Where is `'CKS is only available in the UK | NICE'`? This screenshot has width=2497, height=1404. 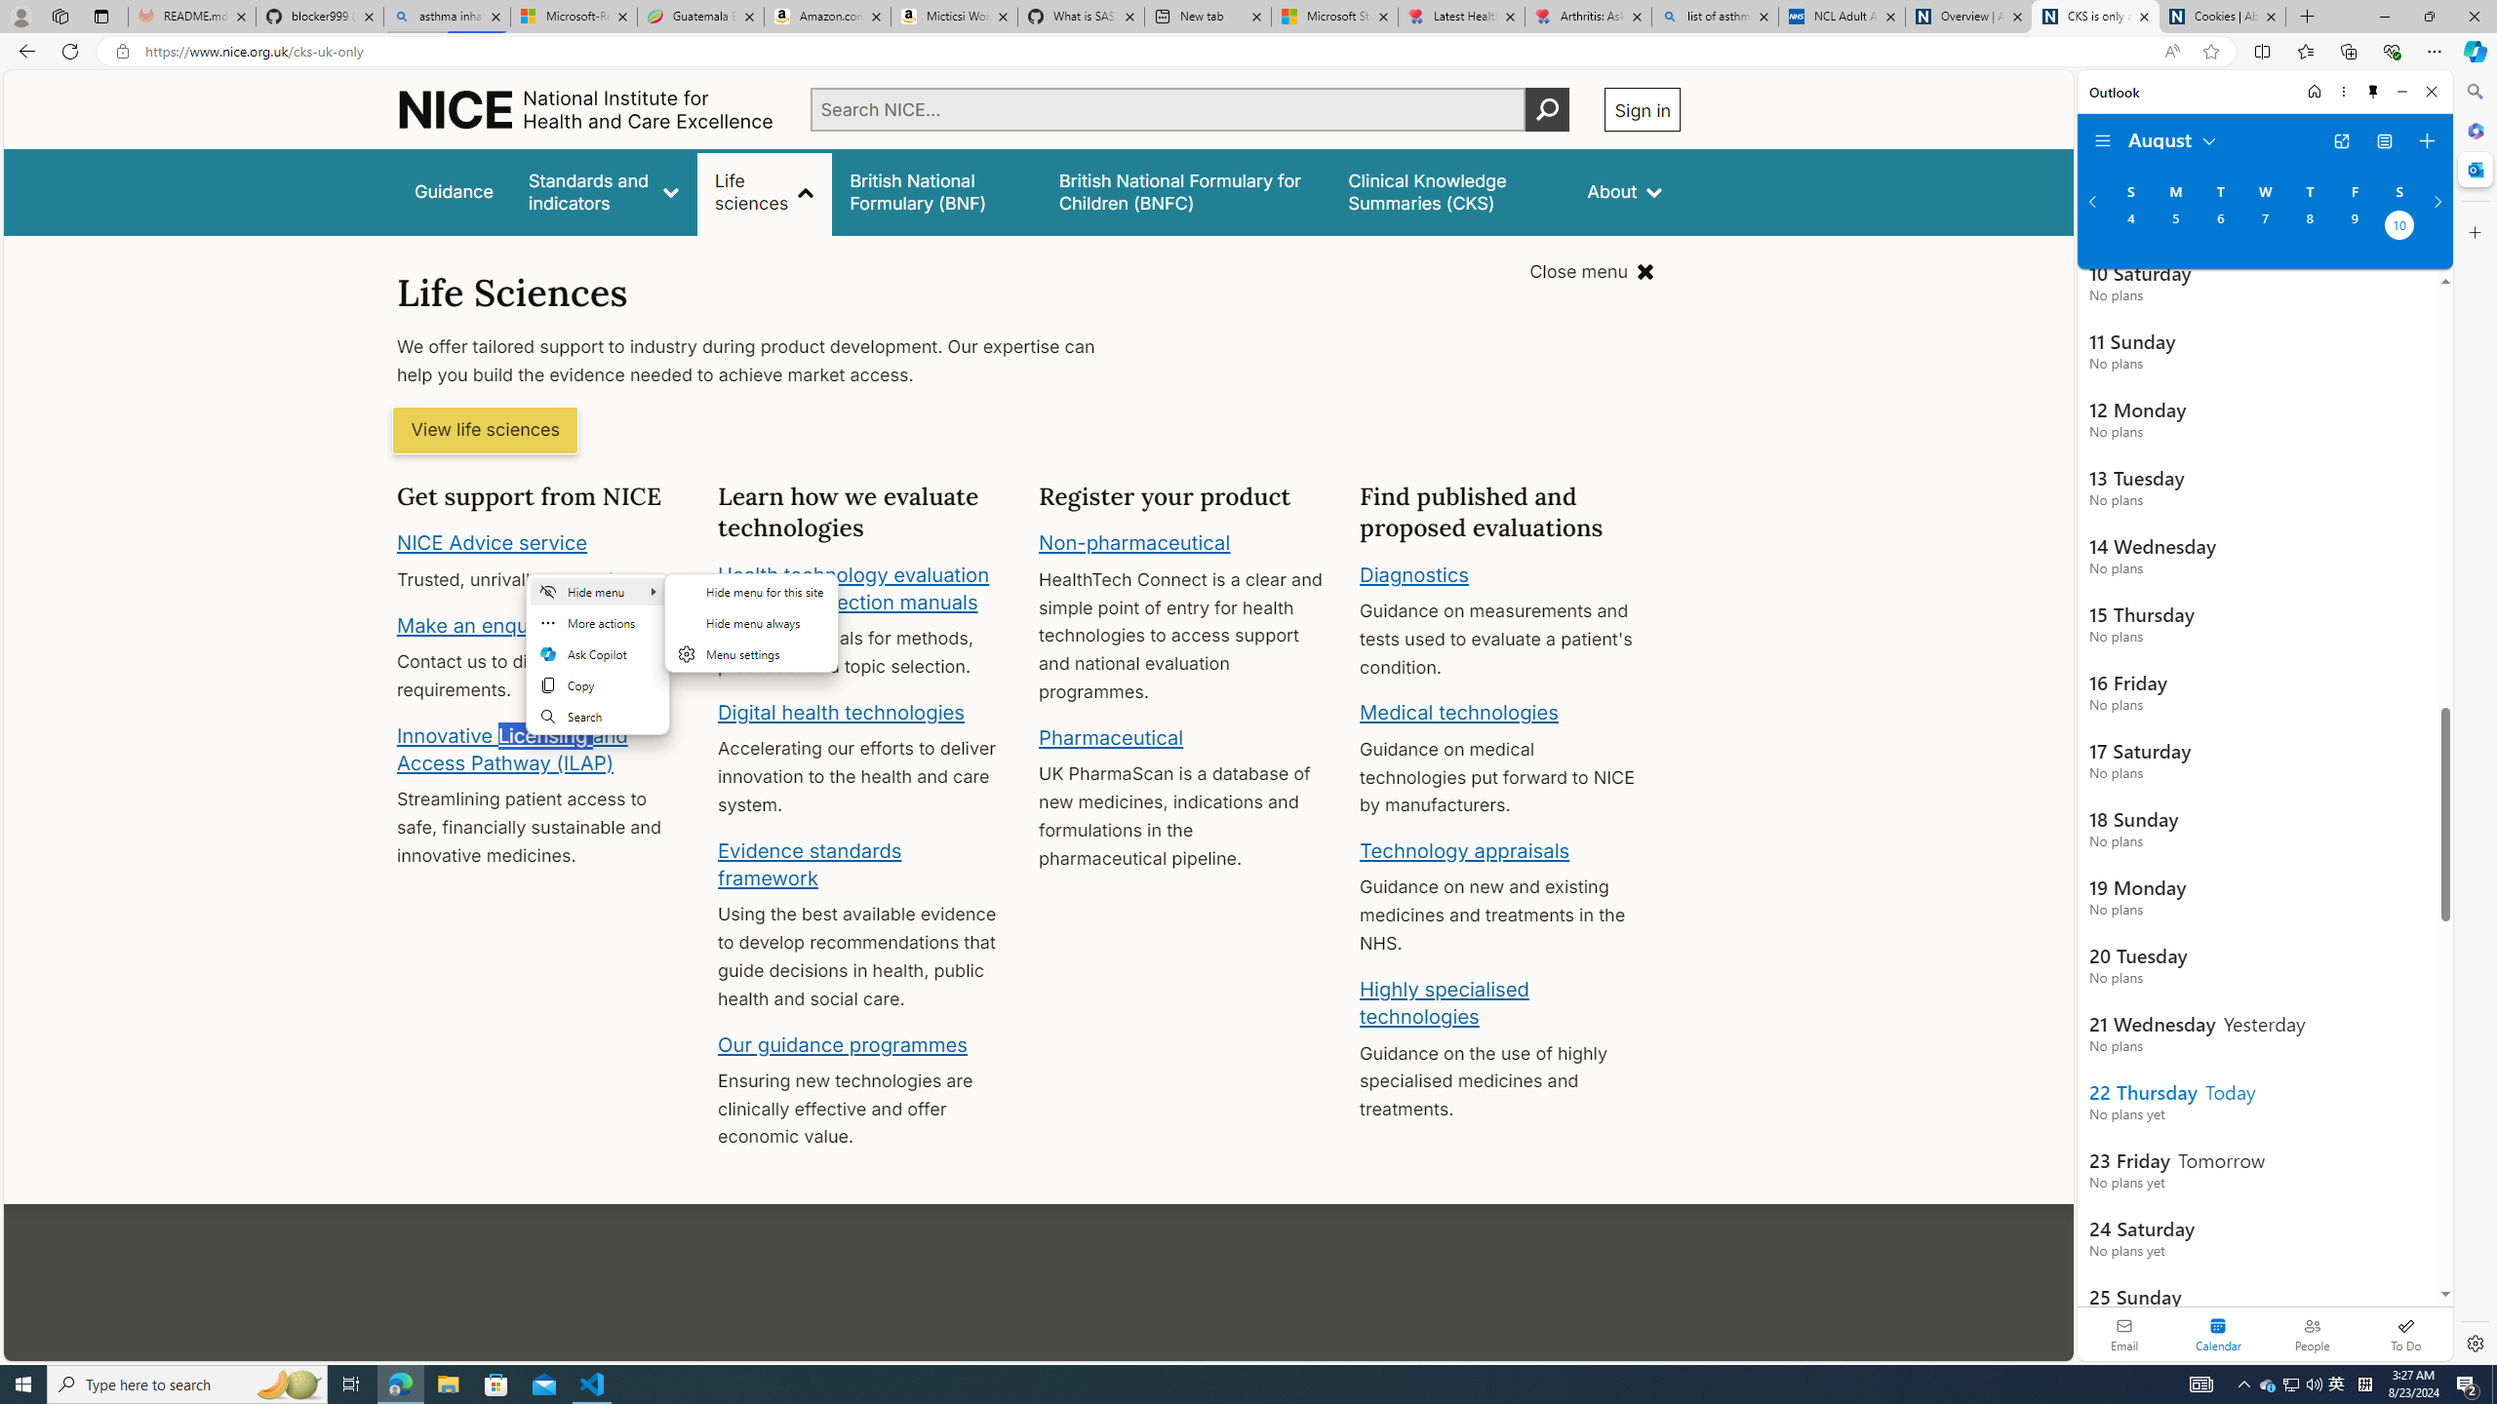
'CKS is only available in the UK | NICE' is located at coordinates (2095, 16).